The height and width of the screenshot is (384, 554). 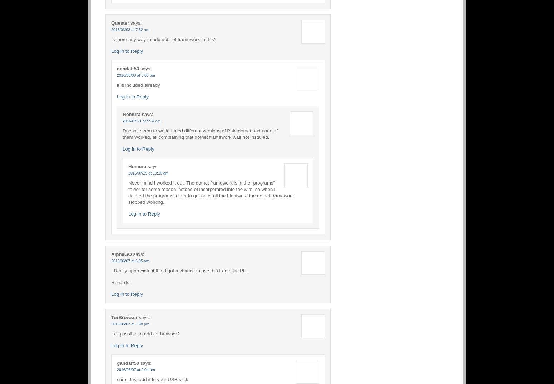 I want to click on 'Doesn’t seem to work. I tried different versions of Paintdotnet and none of them worked, all complaining that dotnet framework was not installed.', so click(x=200, y=133).